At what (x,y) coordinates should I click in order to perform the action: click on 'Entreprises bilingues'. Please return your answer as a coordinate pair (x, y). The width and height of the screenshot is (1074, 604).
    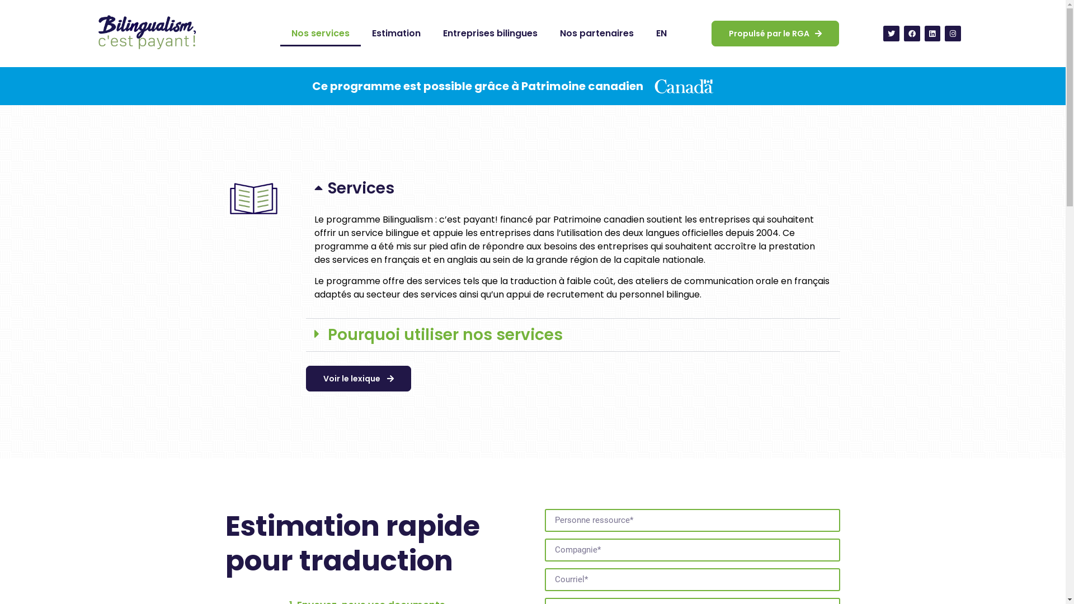
    Looking at the image, I should click on (431, 33).